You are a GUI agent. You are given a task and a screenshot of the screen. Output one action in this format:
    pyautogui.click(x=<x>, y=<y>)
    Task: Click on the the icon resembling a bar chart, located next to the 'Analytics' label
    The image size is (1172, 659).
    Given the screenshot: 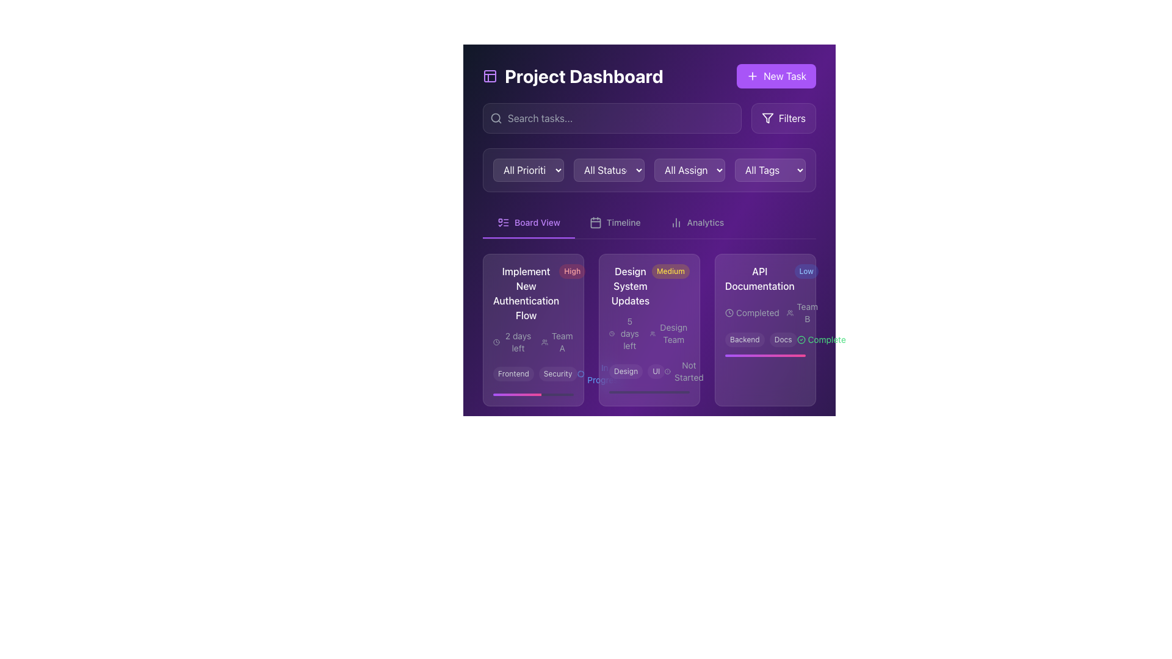 What is the action you would take?
    pyautogui.click(x=675, y=223)
    